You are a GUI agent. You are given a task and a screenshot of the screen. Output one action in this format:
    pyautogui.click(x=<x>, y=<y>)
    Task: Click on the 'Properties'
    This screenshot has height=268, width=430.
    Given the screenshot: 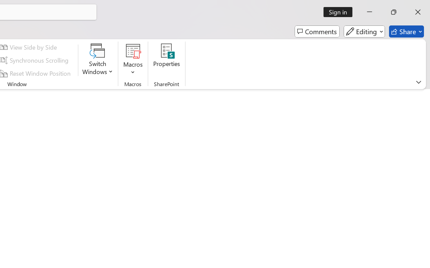 What is the action you would take?
    pyautogui.click(x=167, y=60)
    